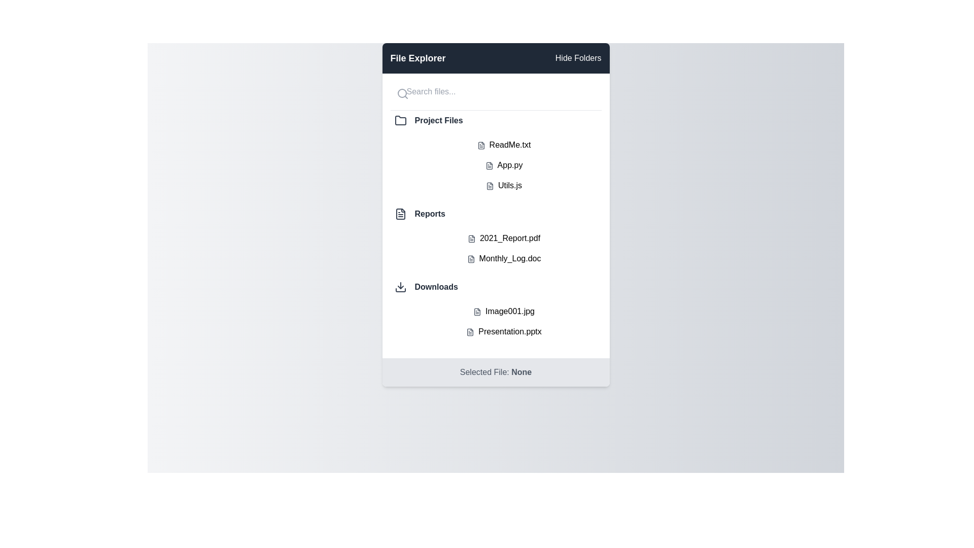  What do you see at coordinates (504, 332) in the screenshot?
I see `the file named Presentation.pptx to select it` at bounding box center [504, 332].